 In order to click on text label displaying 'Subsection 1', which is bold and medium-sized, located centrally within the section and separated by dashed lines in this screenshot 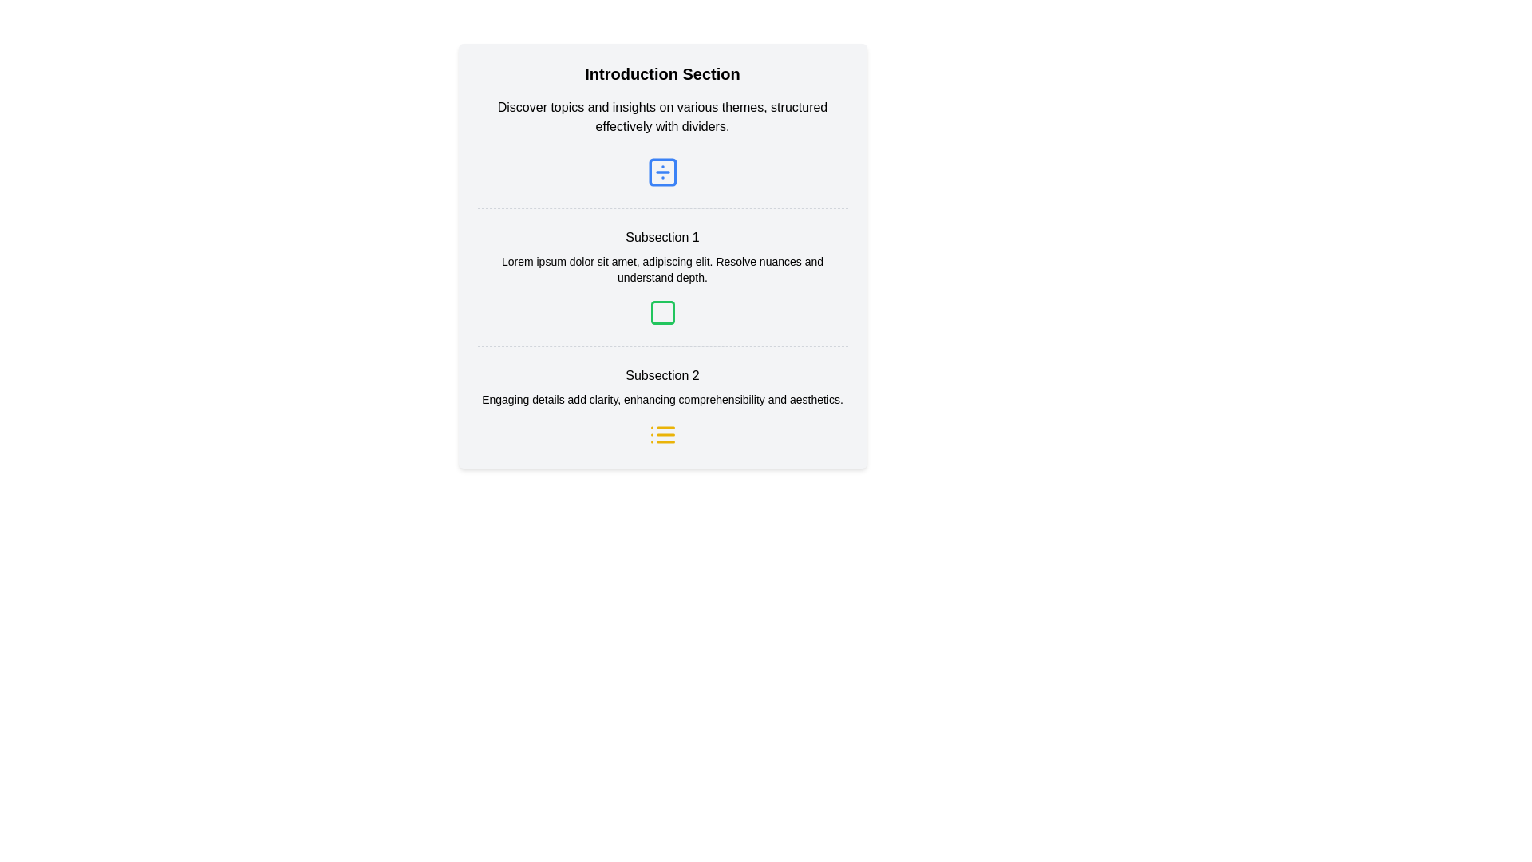, I will do `click(662, 237)`.